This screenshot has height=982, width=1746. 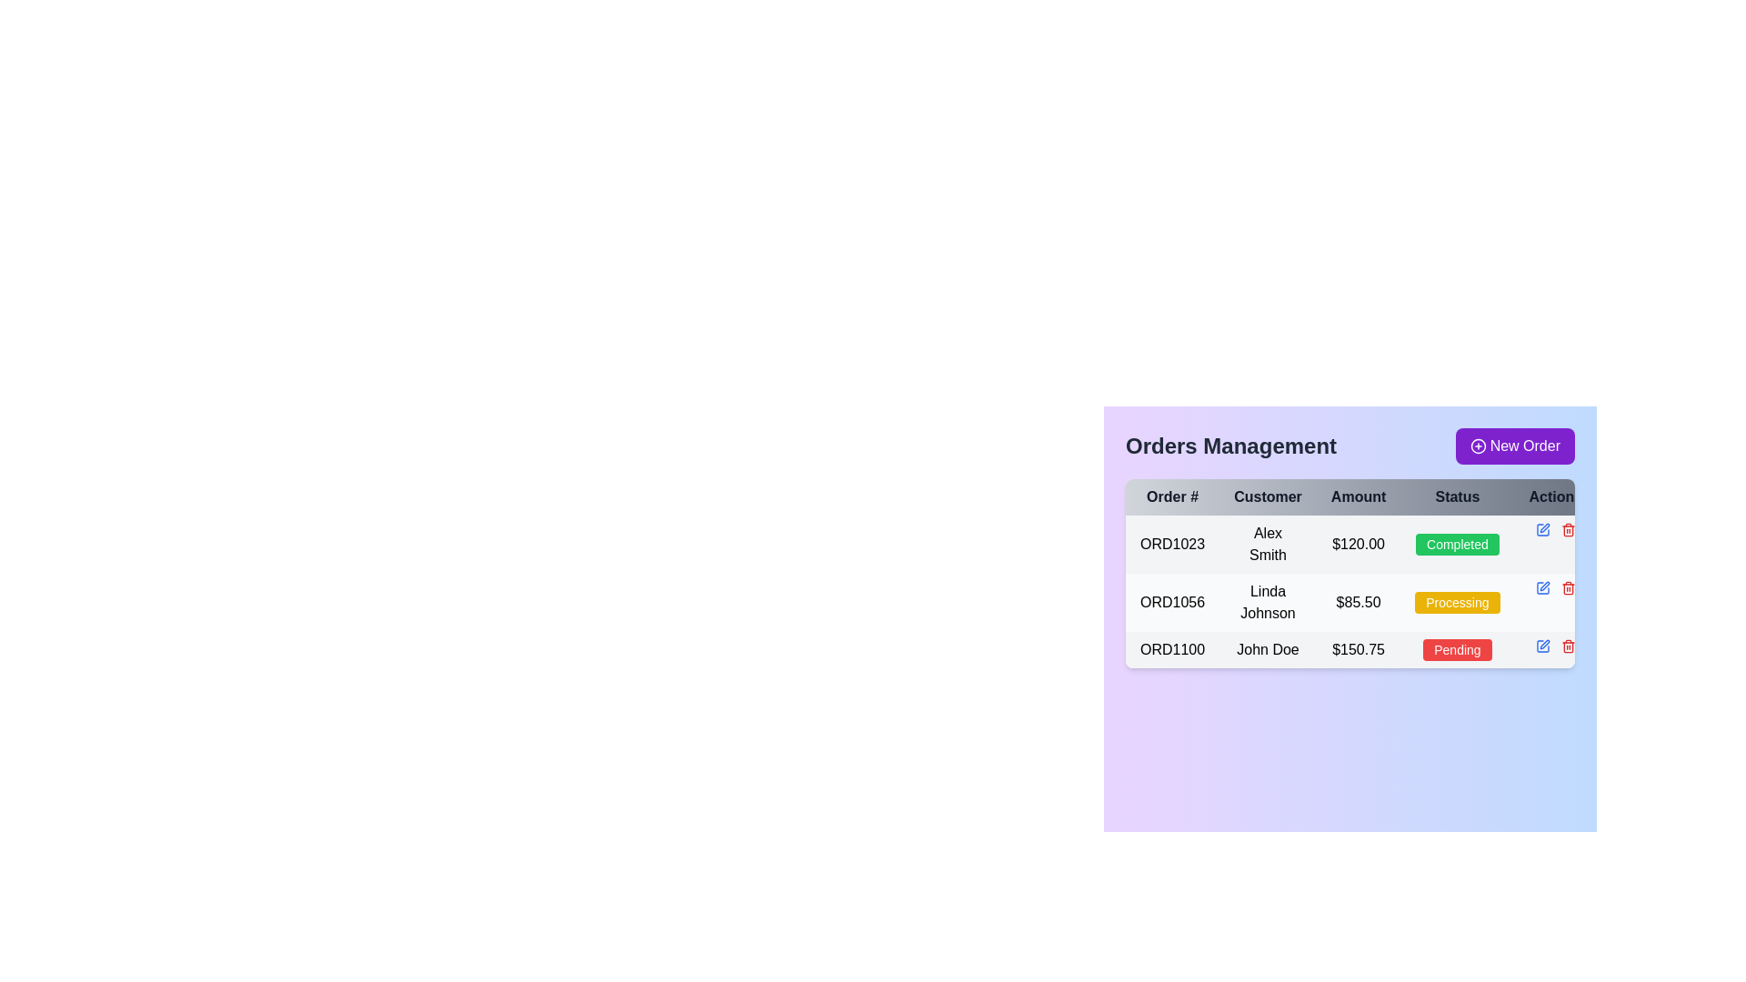 What do you see at coordinates (1541, 645) in the screenshot?
I see `the edit icon button in the 'Action' column of the third row in the 'Orders Management' data table` at bounding box center [1541, 645].